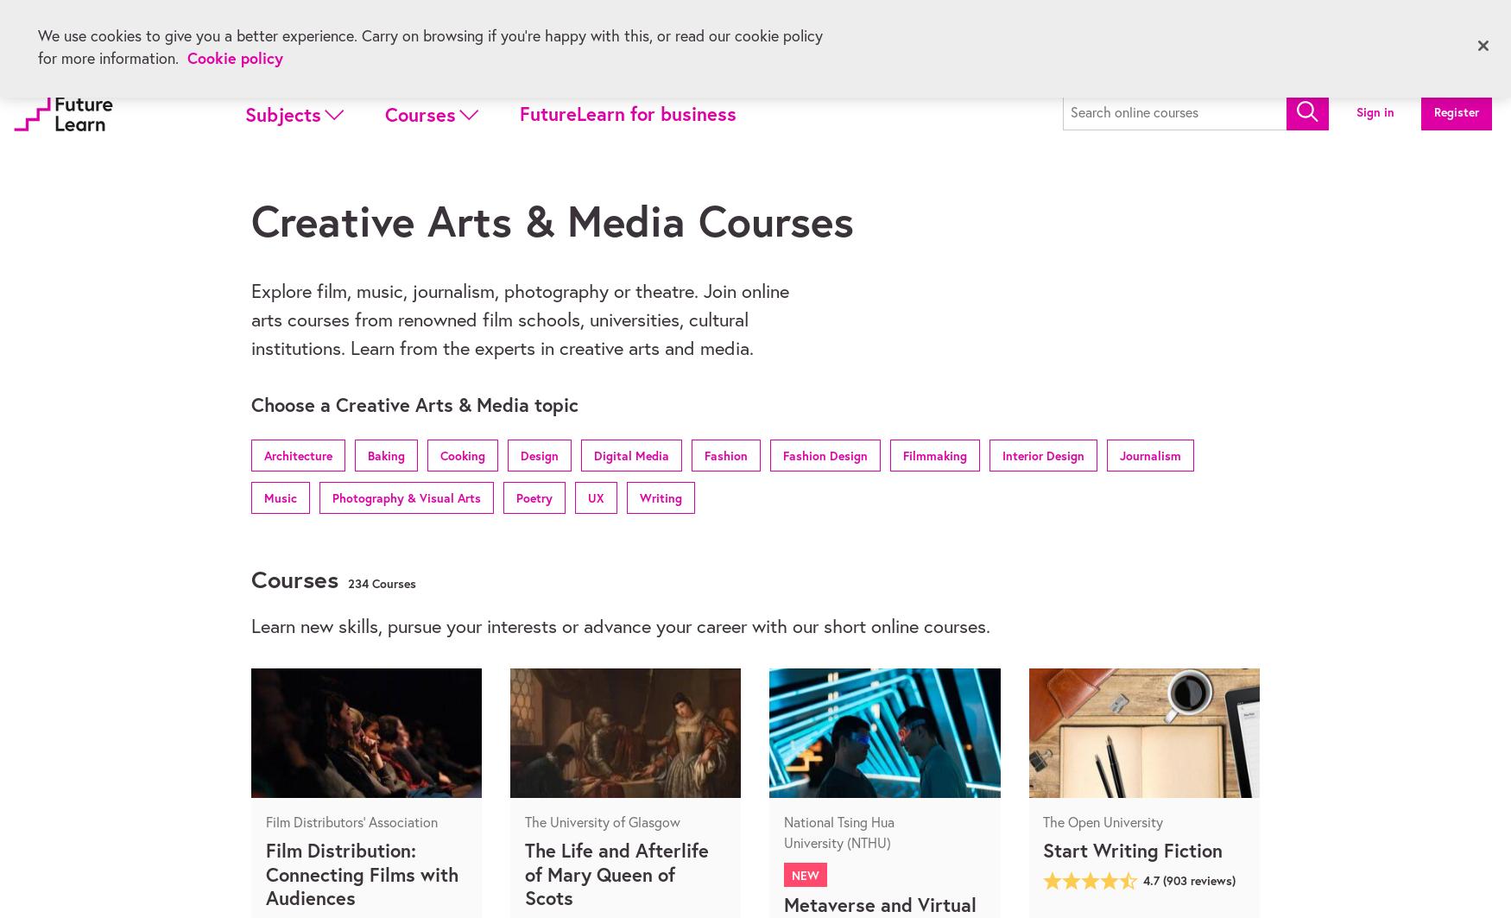 This screenshot has height=918, width=1511. I want to click on '(', so click(1161, 879).